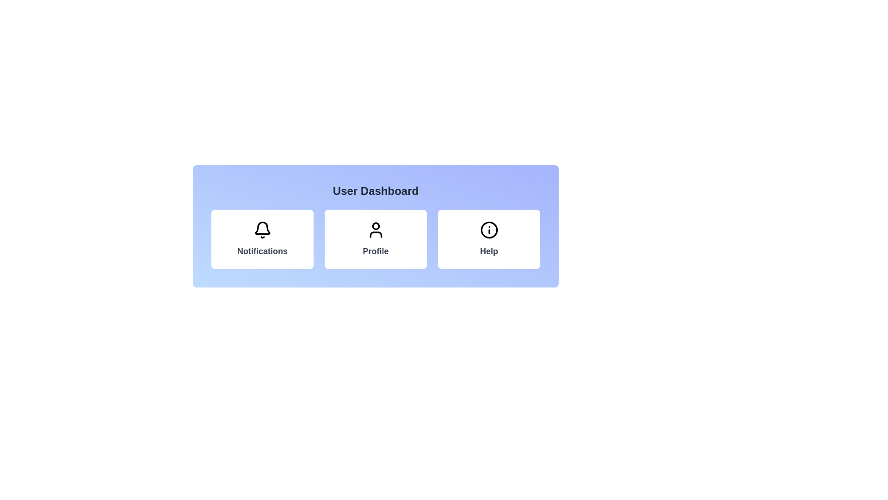 The height and width of the screenshot is (500, 888). I want to click on the 'Profile' text label, which is located below the user icon in a card component within a three-column layout, so click(376, 251).